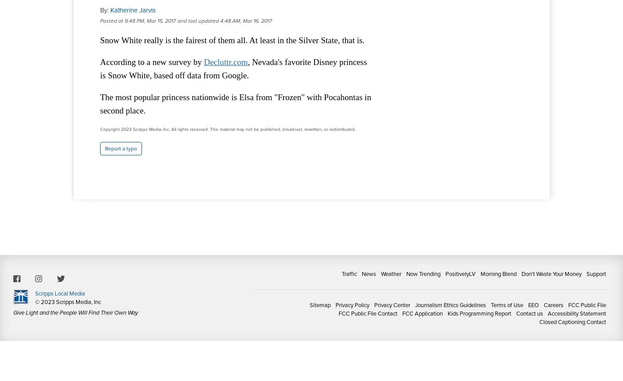  I want to click on 'Weather', so click(391, 273).